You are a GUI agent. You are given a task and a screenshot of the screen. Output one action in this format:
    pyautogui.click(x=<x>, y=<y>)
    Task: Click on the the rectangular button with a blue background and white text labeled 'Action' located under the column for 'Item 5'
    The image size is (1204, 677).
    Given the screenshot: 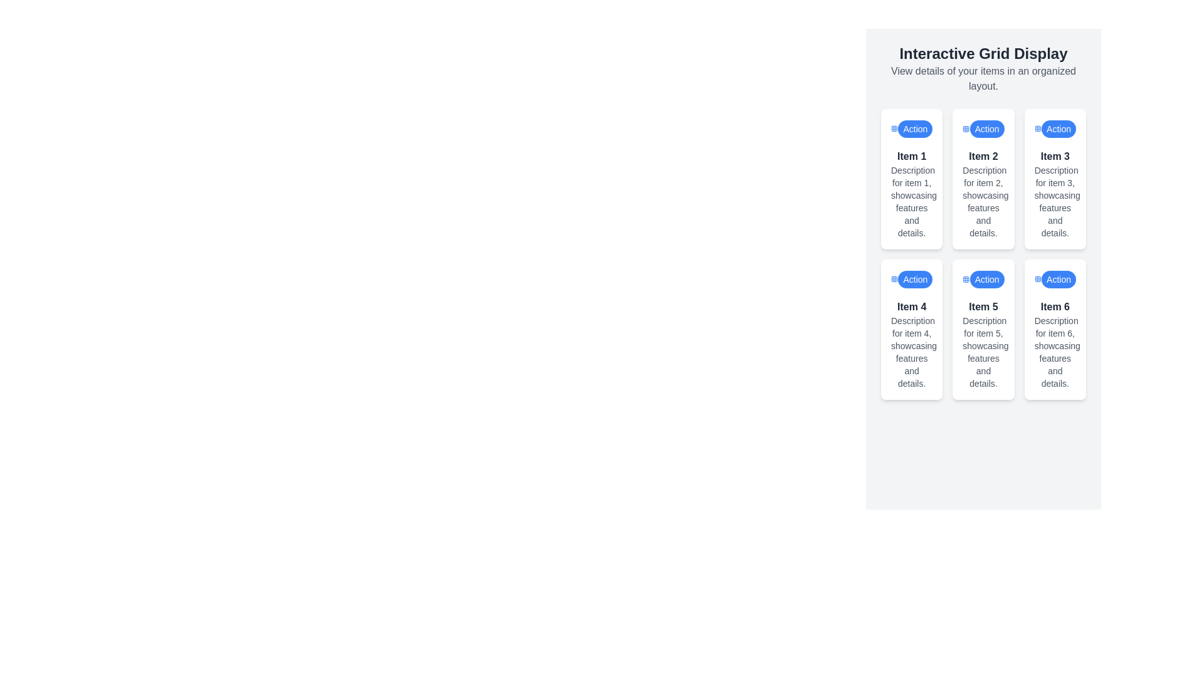 What is the action you would take?
    pyautogui.click(x=986, y=279)
    